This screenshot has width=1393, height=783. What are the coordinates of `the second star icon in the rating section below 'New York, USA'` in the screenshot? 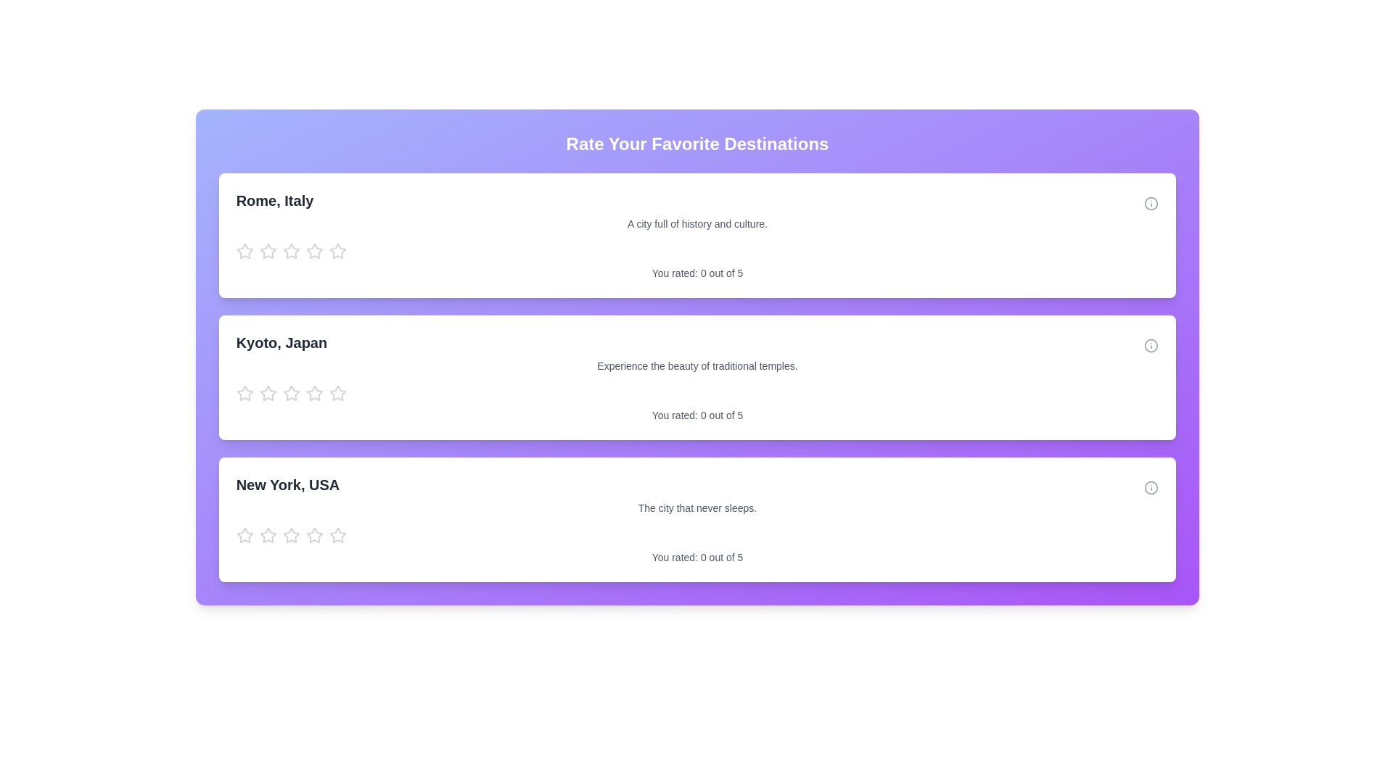 It's located at (268, 536).